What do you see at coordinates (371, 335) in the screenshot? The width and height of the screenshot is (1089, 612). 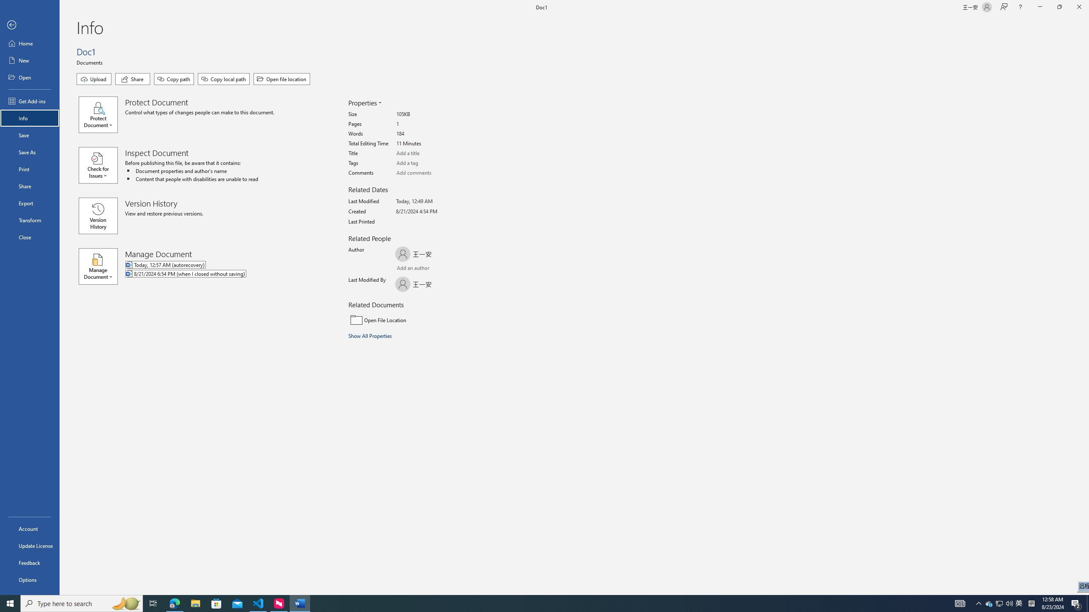 I see `'Show All Properties'` at bounding box center [371, 335].